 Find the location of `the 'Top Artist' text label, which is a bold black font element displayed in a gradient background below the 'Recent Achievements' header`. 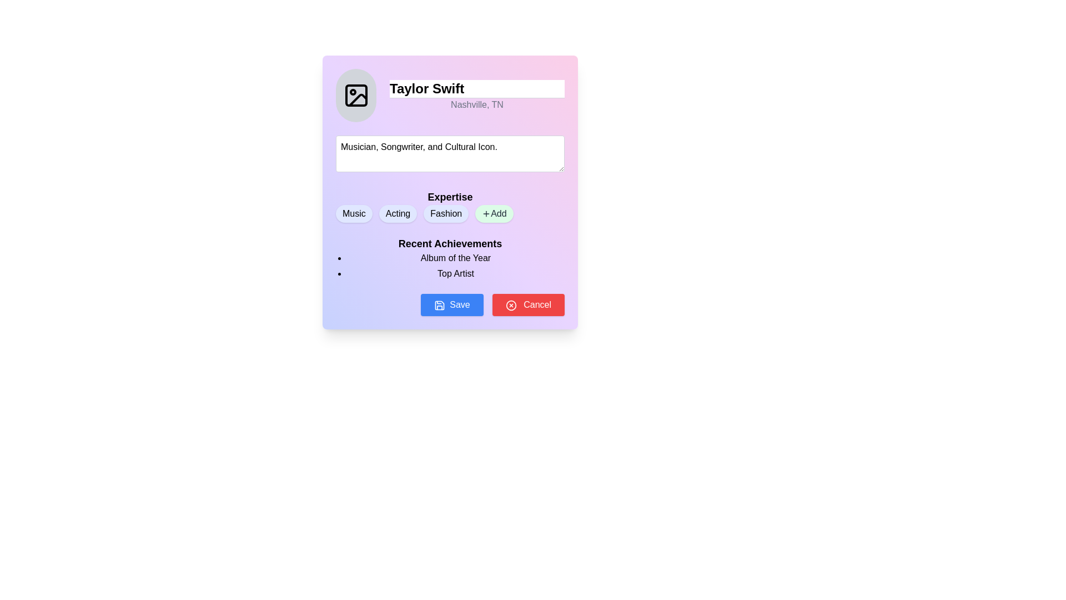

the 'Top Artist' text label, which is a bold black font element displayed in a gradient background below the 'Recent Achievements' header is located at coordinates (455, 274).